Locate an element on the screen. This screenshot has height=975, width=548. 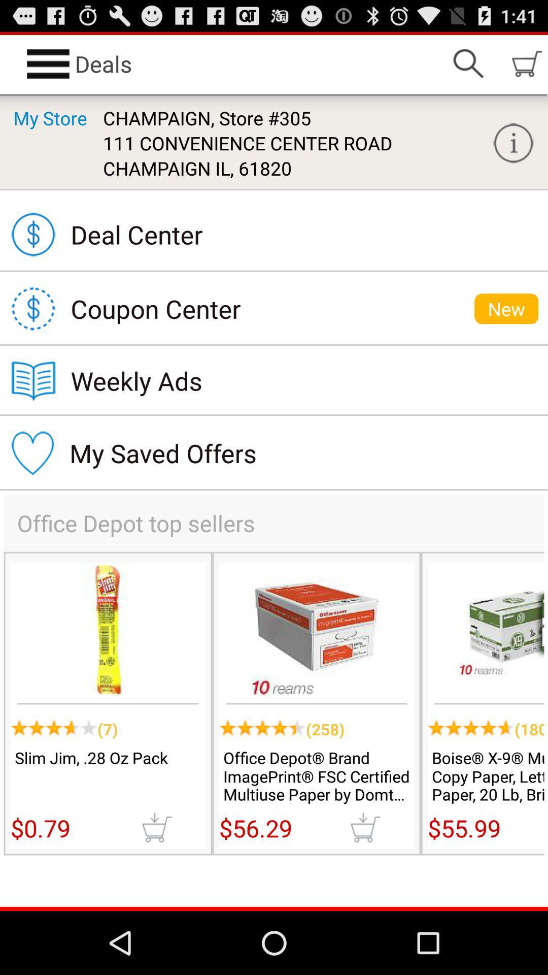
the info icon is located at coordinates (513, 152).